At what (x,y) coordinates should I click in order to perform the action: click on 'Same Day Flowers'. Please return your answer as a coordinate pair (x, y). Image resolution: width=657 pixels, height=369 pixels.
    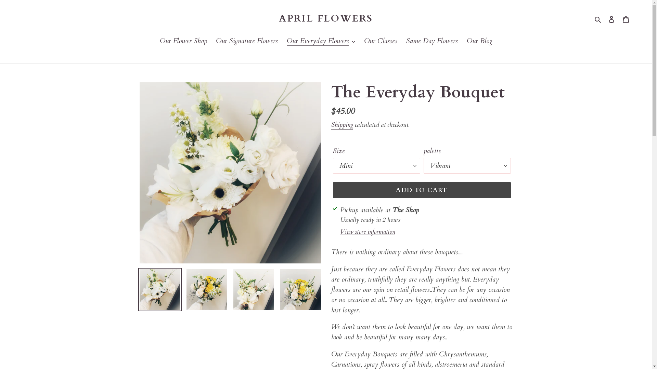
    Looking at the image, I should click on (402, 41).